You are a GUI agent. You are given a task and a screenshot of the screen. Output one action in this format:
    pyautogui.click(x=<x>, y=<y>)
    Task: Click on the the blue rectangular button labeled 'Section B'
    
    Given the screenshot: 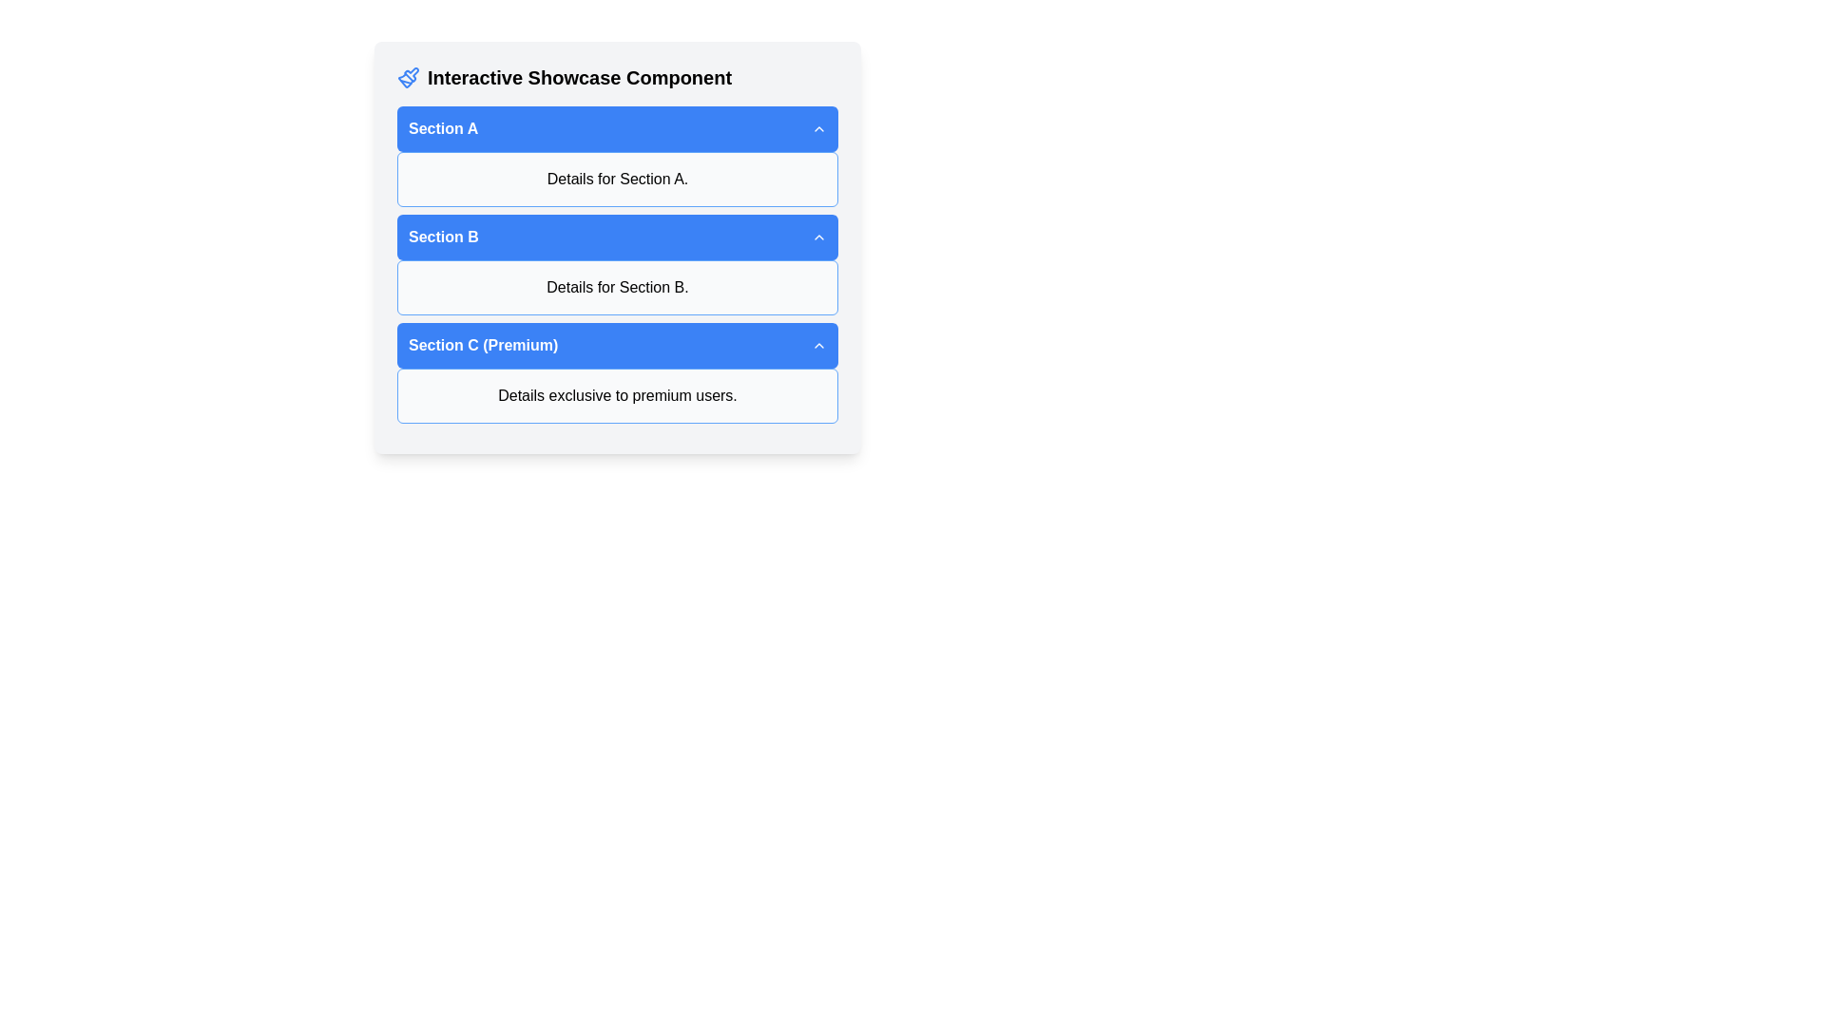 What is the action you would take?
    pyautogui.click(x=617, y=247)
    